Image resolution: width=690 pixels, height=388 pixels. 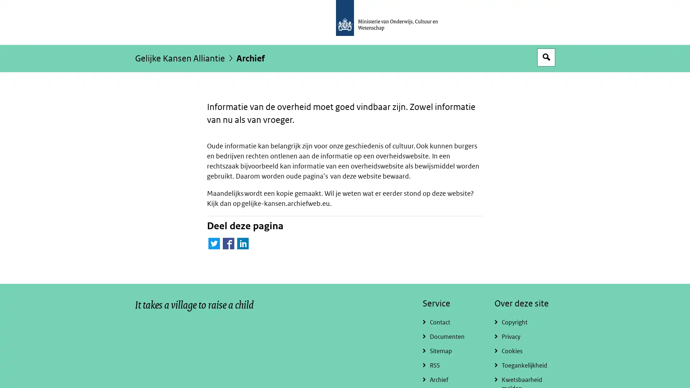 What do you see at coordinates (546, 57) in the screenshot?
I see `Open zoekveld` at bounding box center [546, 57].